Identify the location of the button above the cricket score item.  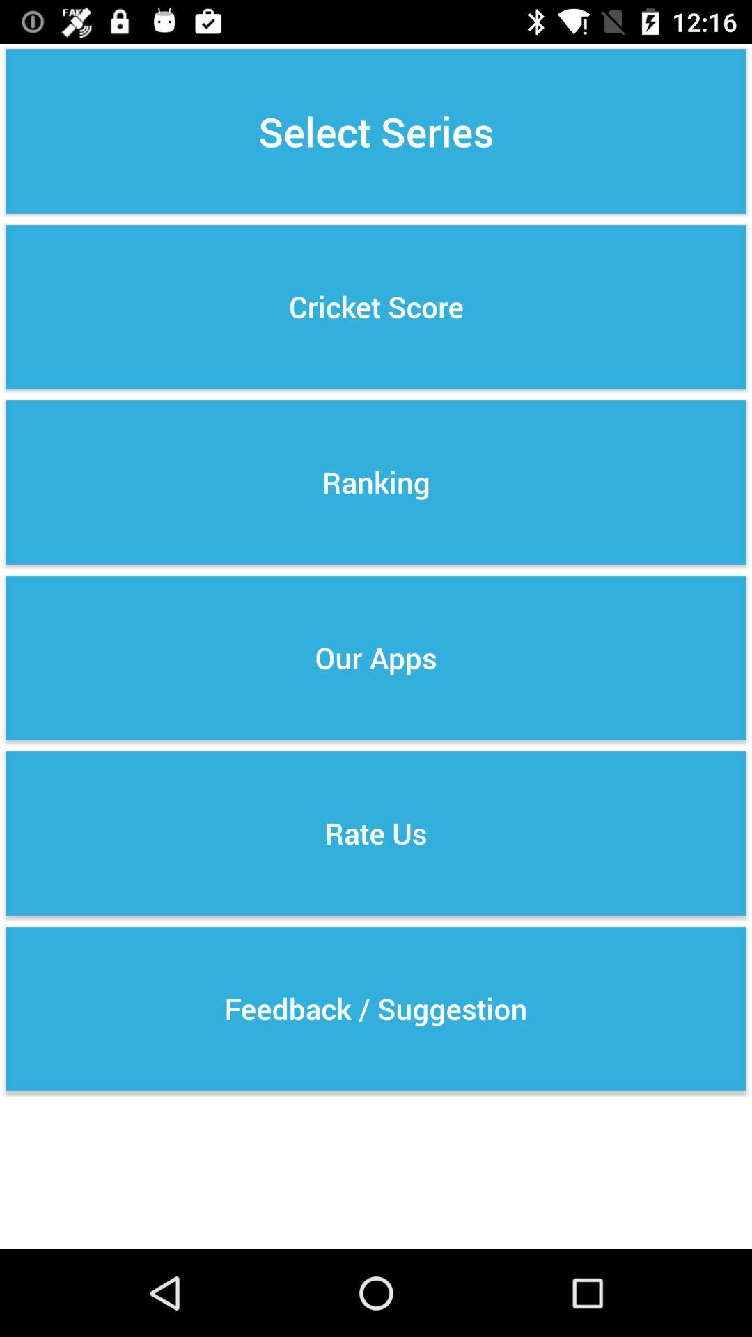
(376, 131).